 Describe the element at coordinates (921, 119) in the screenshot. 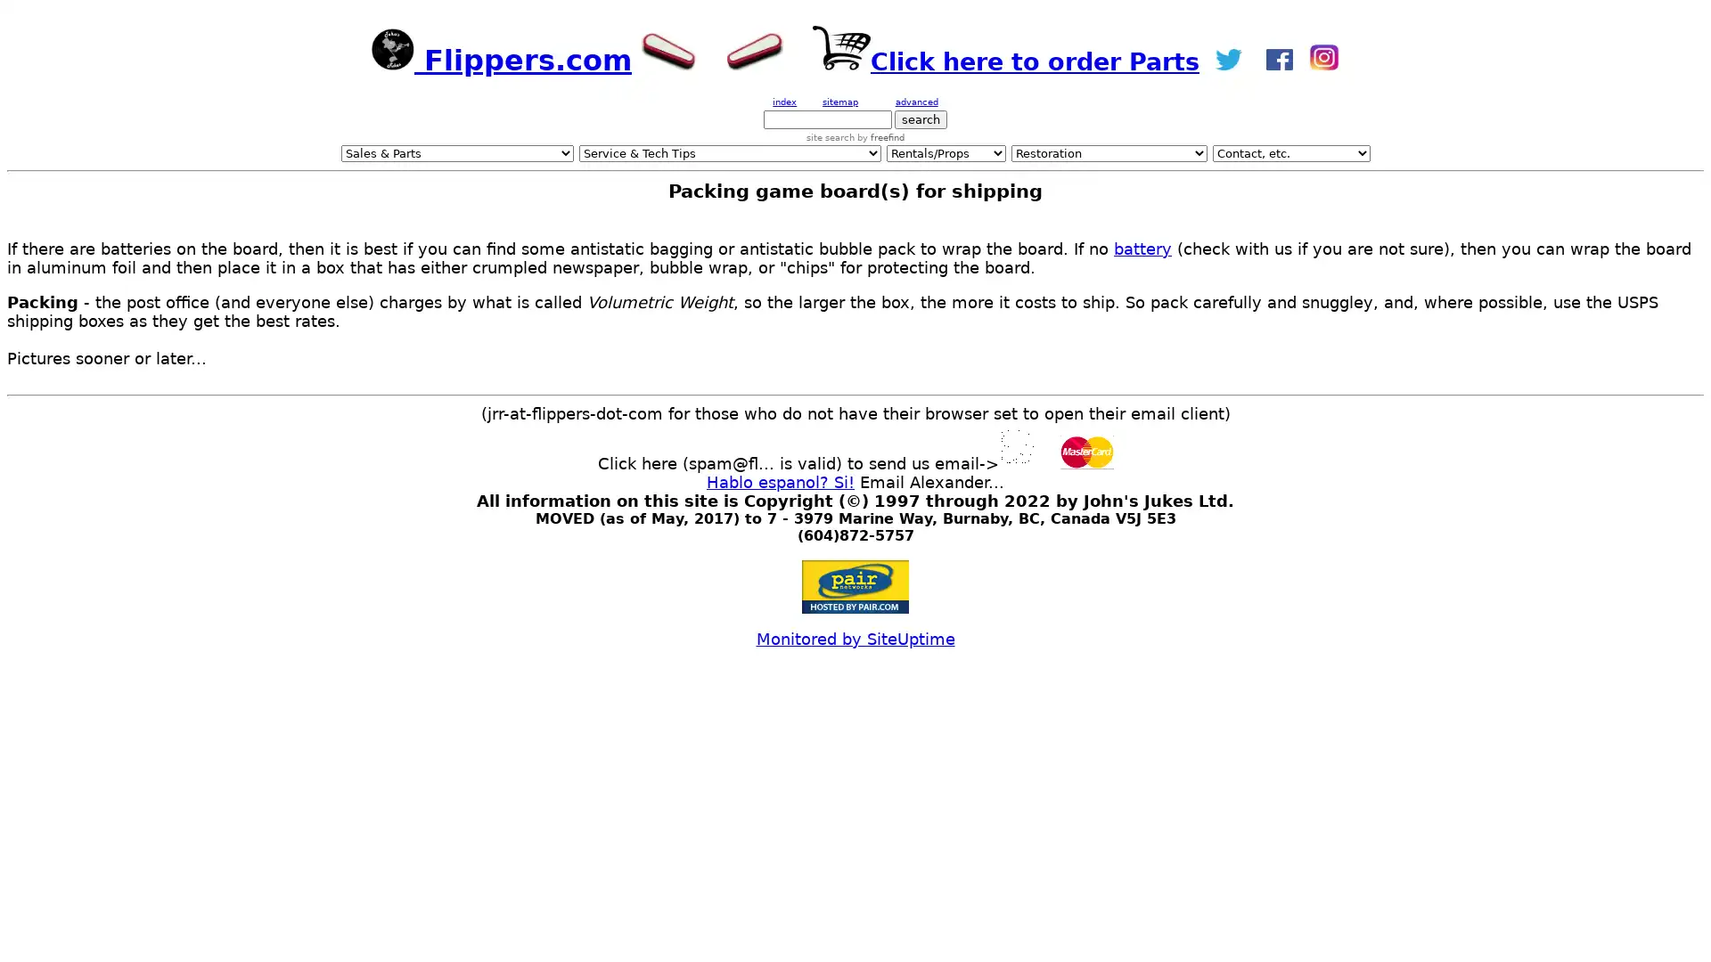

I see `search` at that location.